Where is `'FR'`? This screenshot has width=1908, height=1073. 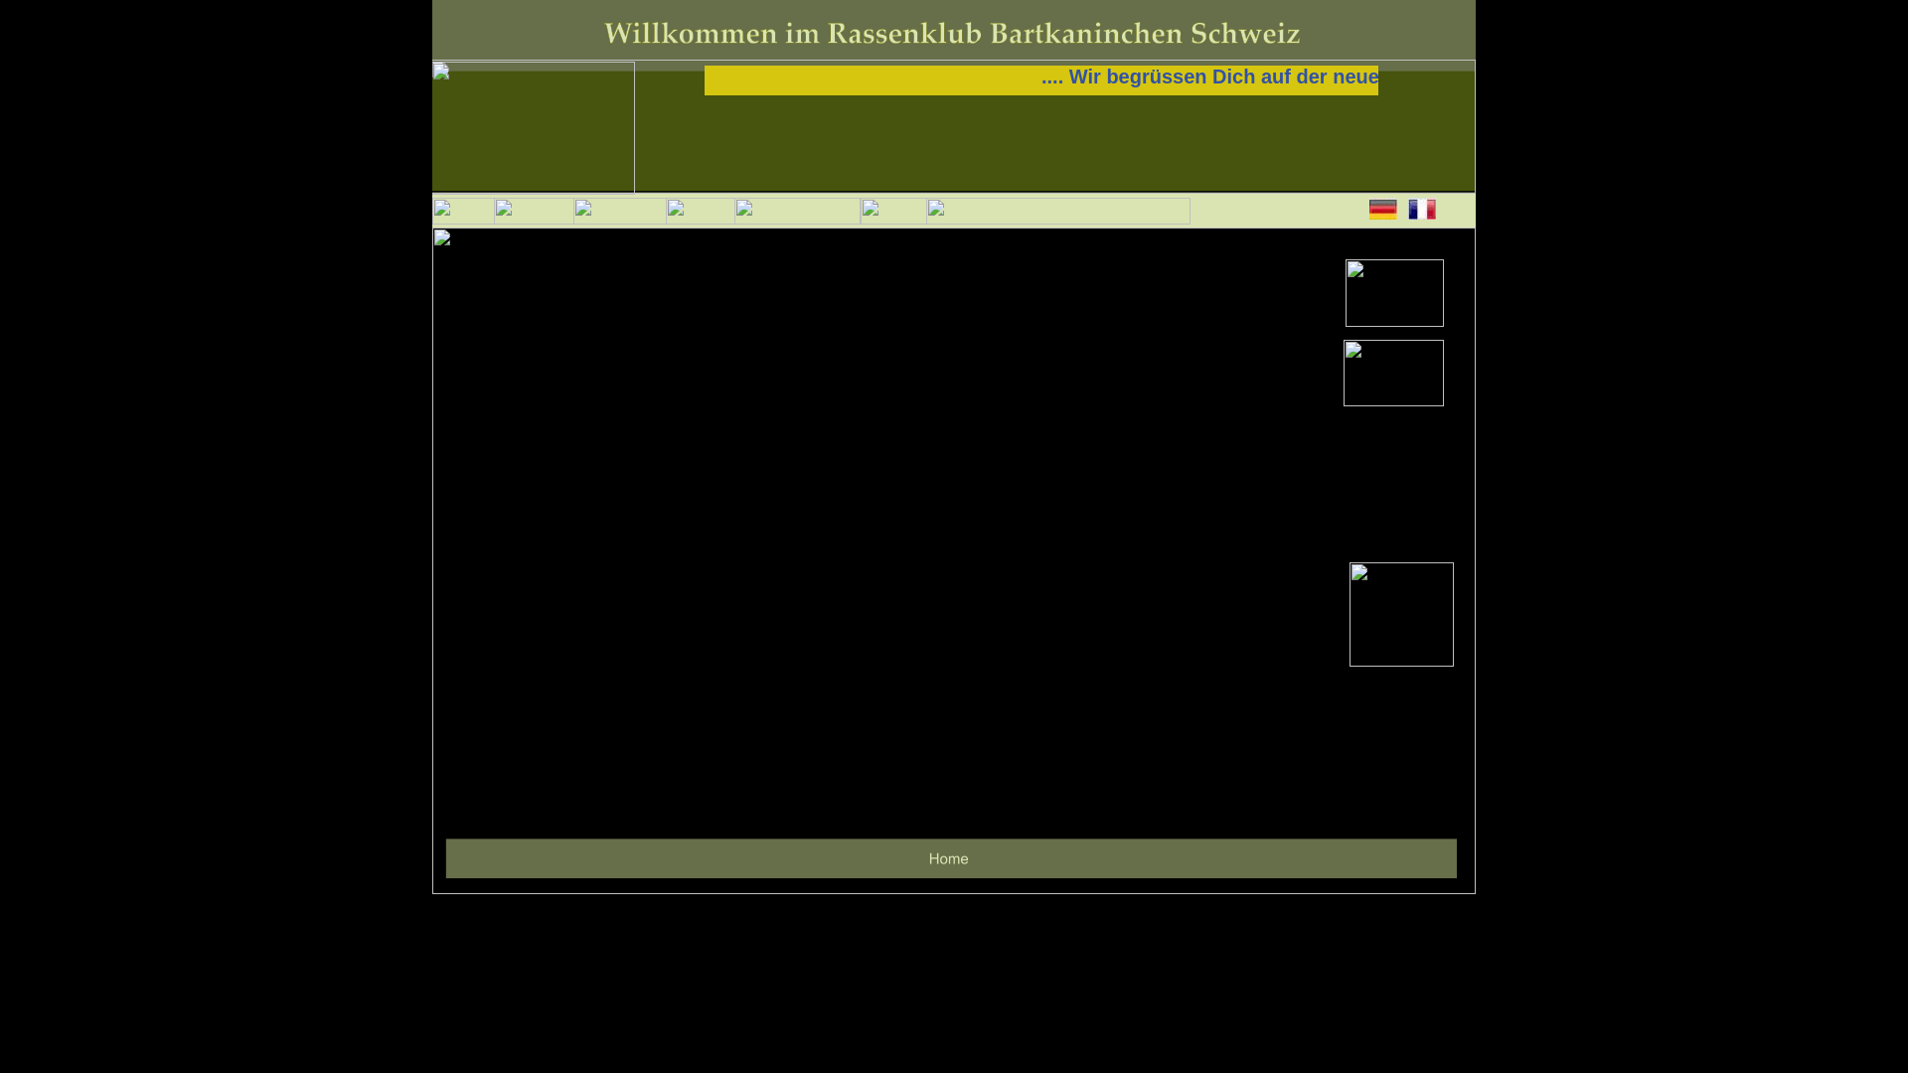 'FR' is located at coordinates (1420, 208).